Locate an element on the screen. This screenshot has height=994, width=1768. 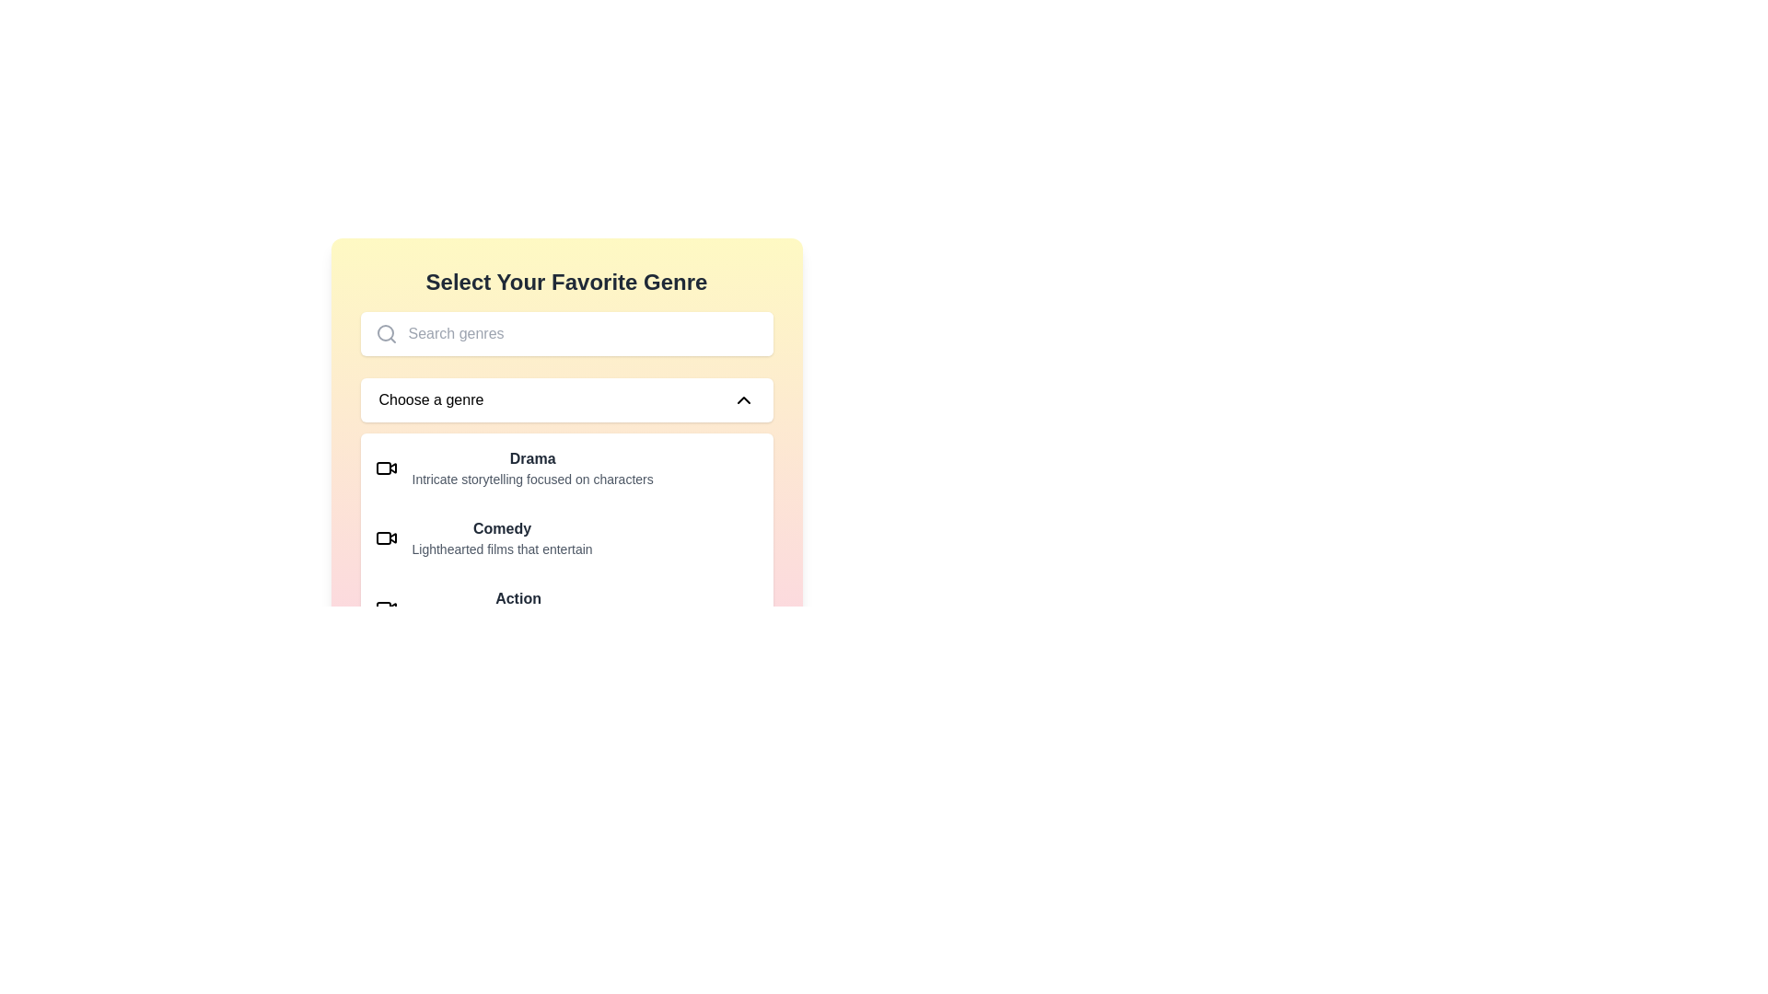
the video camera or play button icon that represents the Comedy genre option in the option list component is located at coordinates (391, 537).